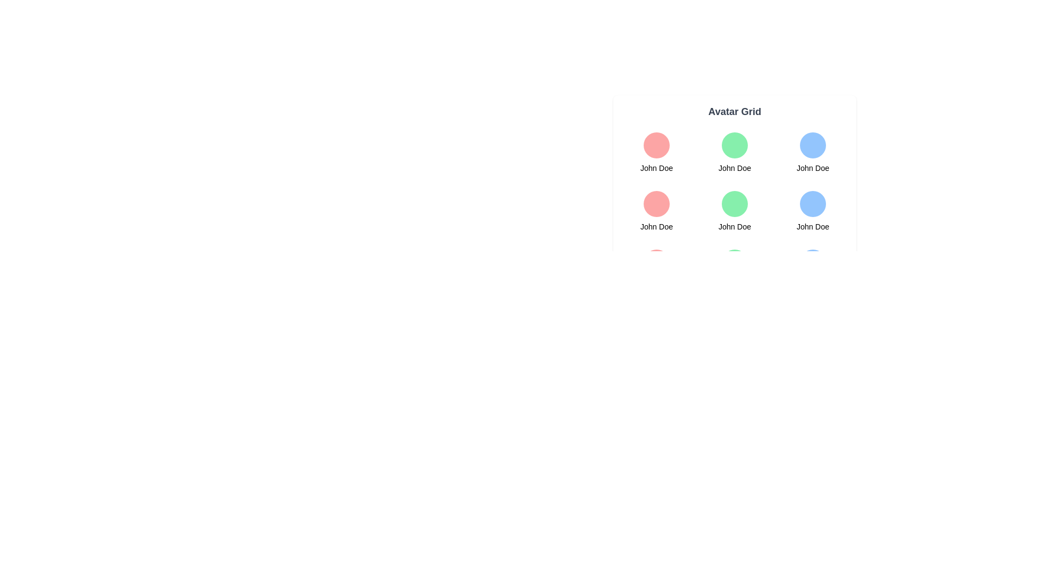 This screenshot has height=586, width=1042. What do you see at coordinates (656, 262) in the screenshot?
I see `the Circular Avatar element that visually represents the user 'John Doe', located in the bottom left corner of the grid` at bounding box center [656, 262].